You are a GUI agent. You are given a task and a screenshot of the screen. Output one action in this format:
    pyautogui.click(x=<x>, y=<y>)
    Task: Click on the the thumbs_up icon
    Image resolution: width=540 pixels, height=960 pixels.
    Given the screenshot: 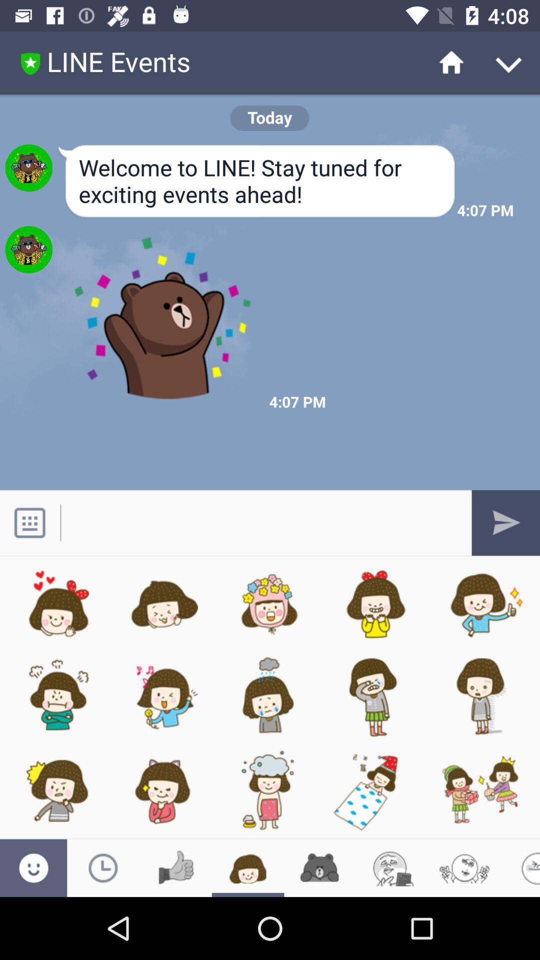 What is the action you would take?
    pyautogui.click(x=175, y=867)
    